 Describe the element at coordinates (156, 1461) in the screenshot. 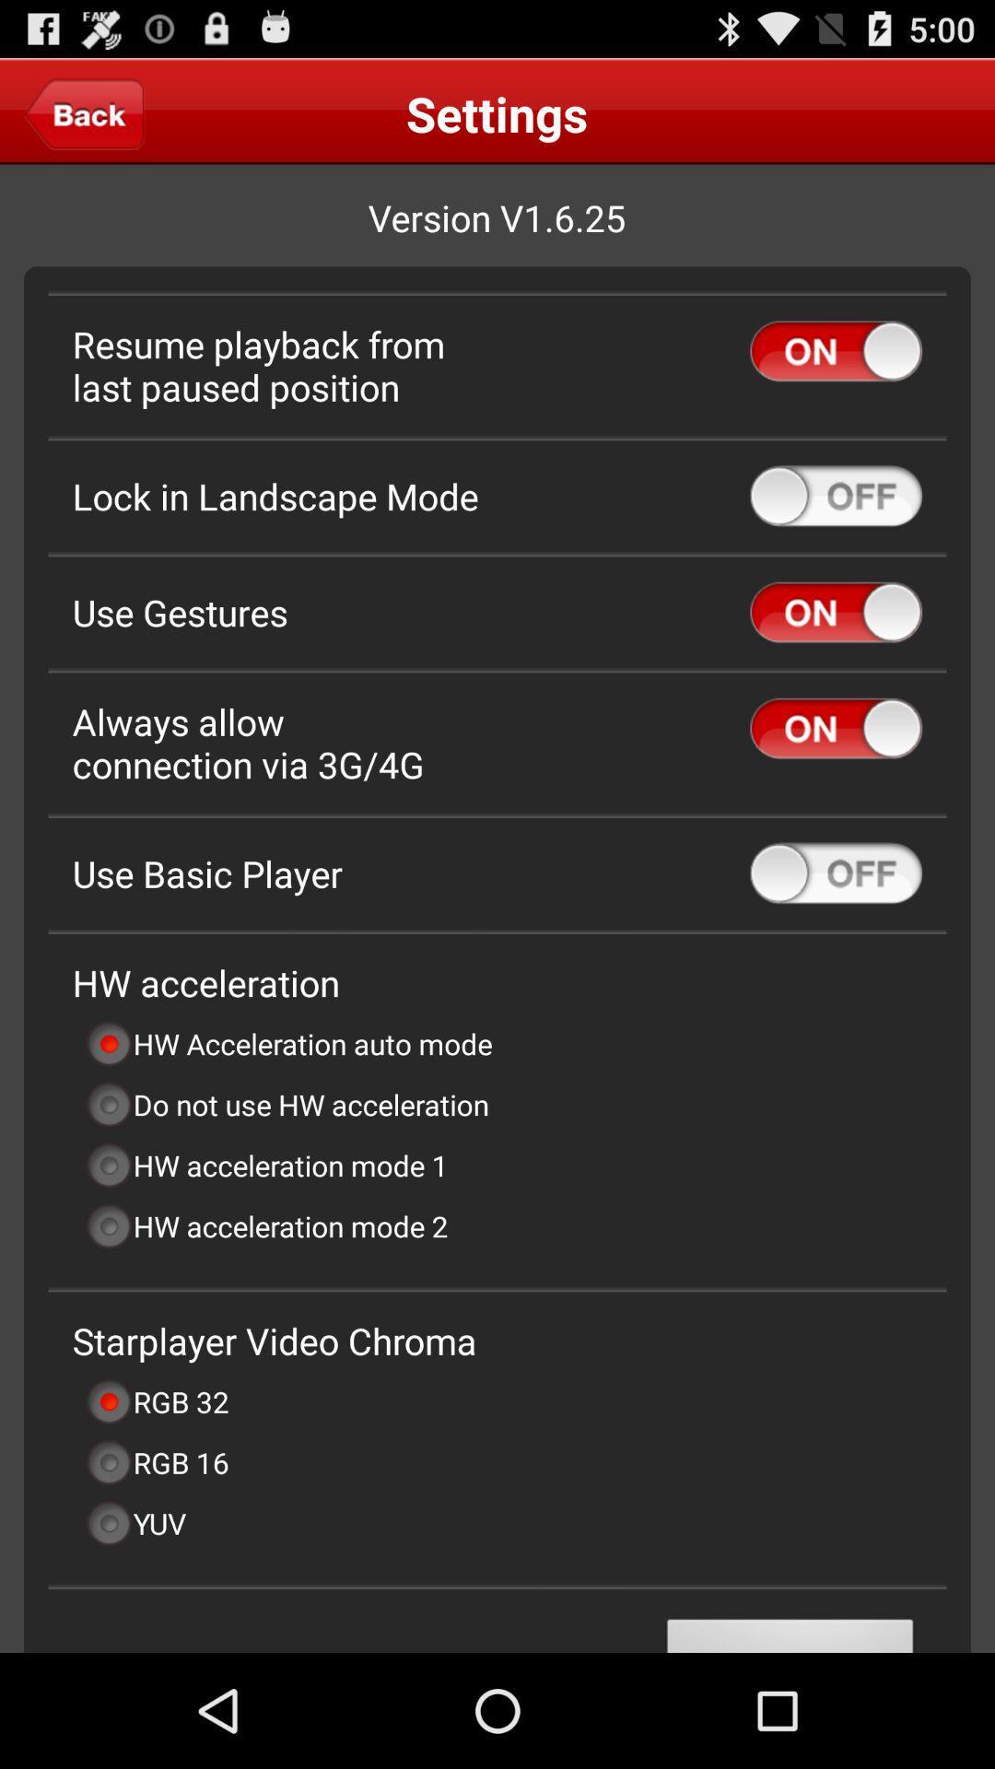

I see `the rgb 16` at that location.